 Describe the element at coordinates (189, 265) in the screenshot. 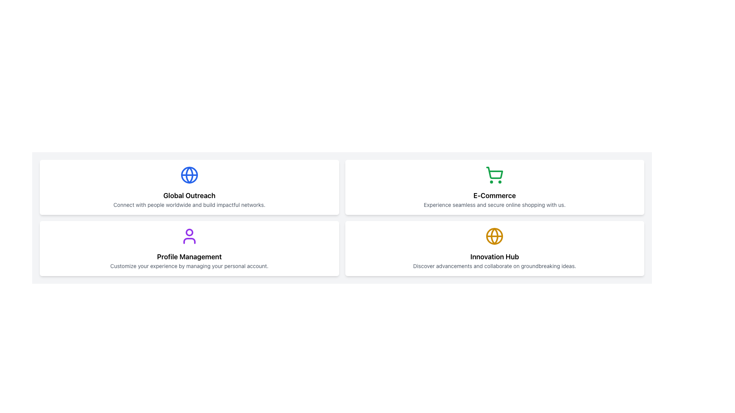

I see `the text 'Customize your experience by managing your personal account.' which is located below the heading 'Profile Management' in a white card` at that location.